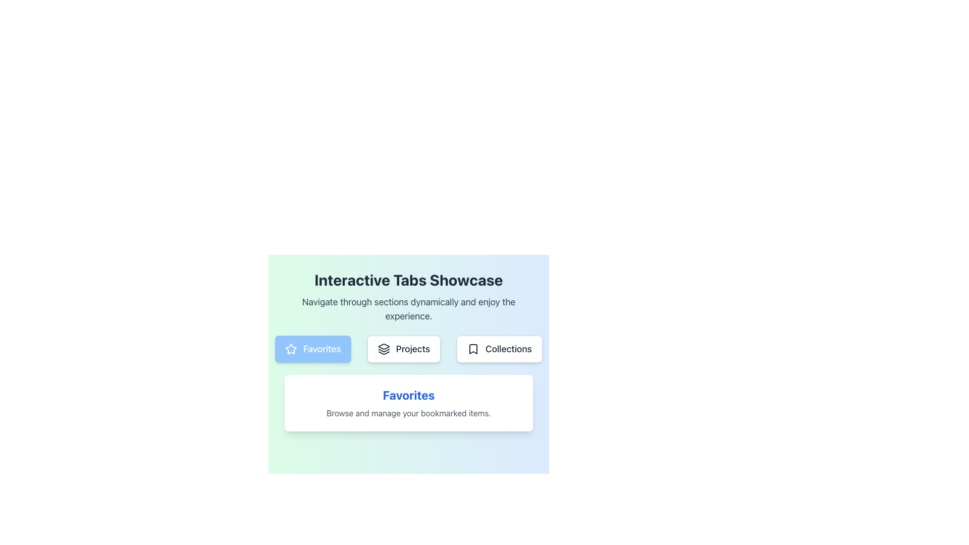  What do you see at coordinates (321, 348) in the screenshot?
I see `the button containing the 'Favorites' label` at bounding box center [321, 348].